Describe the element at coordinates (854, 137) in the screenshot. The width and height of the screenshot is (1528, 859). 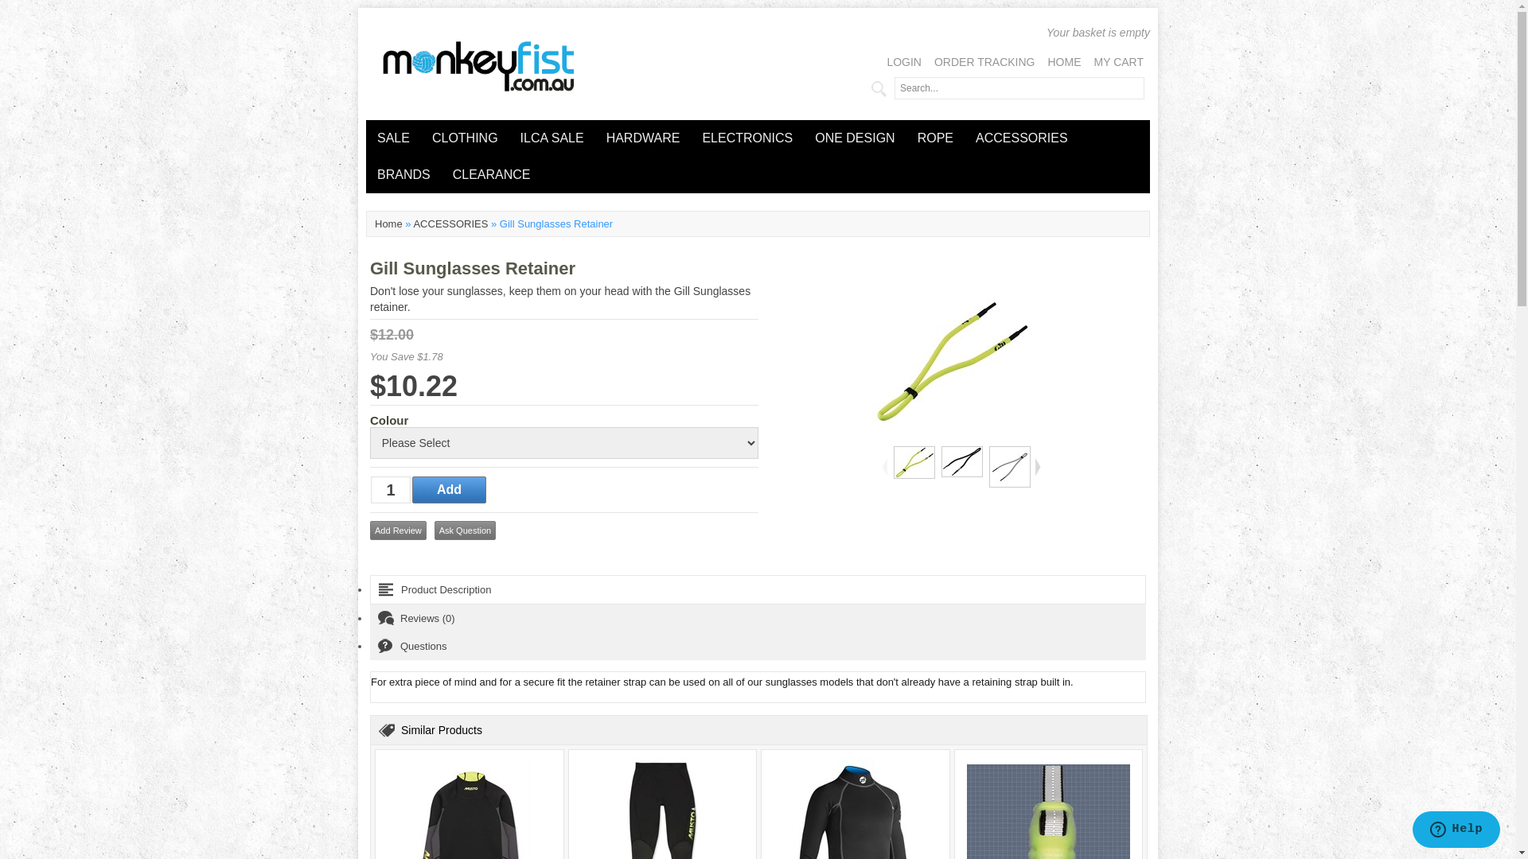
I see `'ONE DESIGN'` at that location.